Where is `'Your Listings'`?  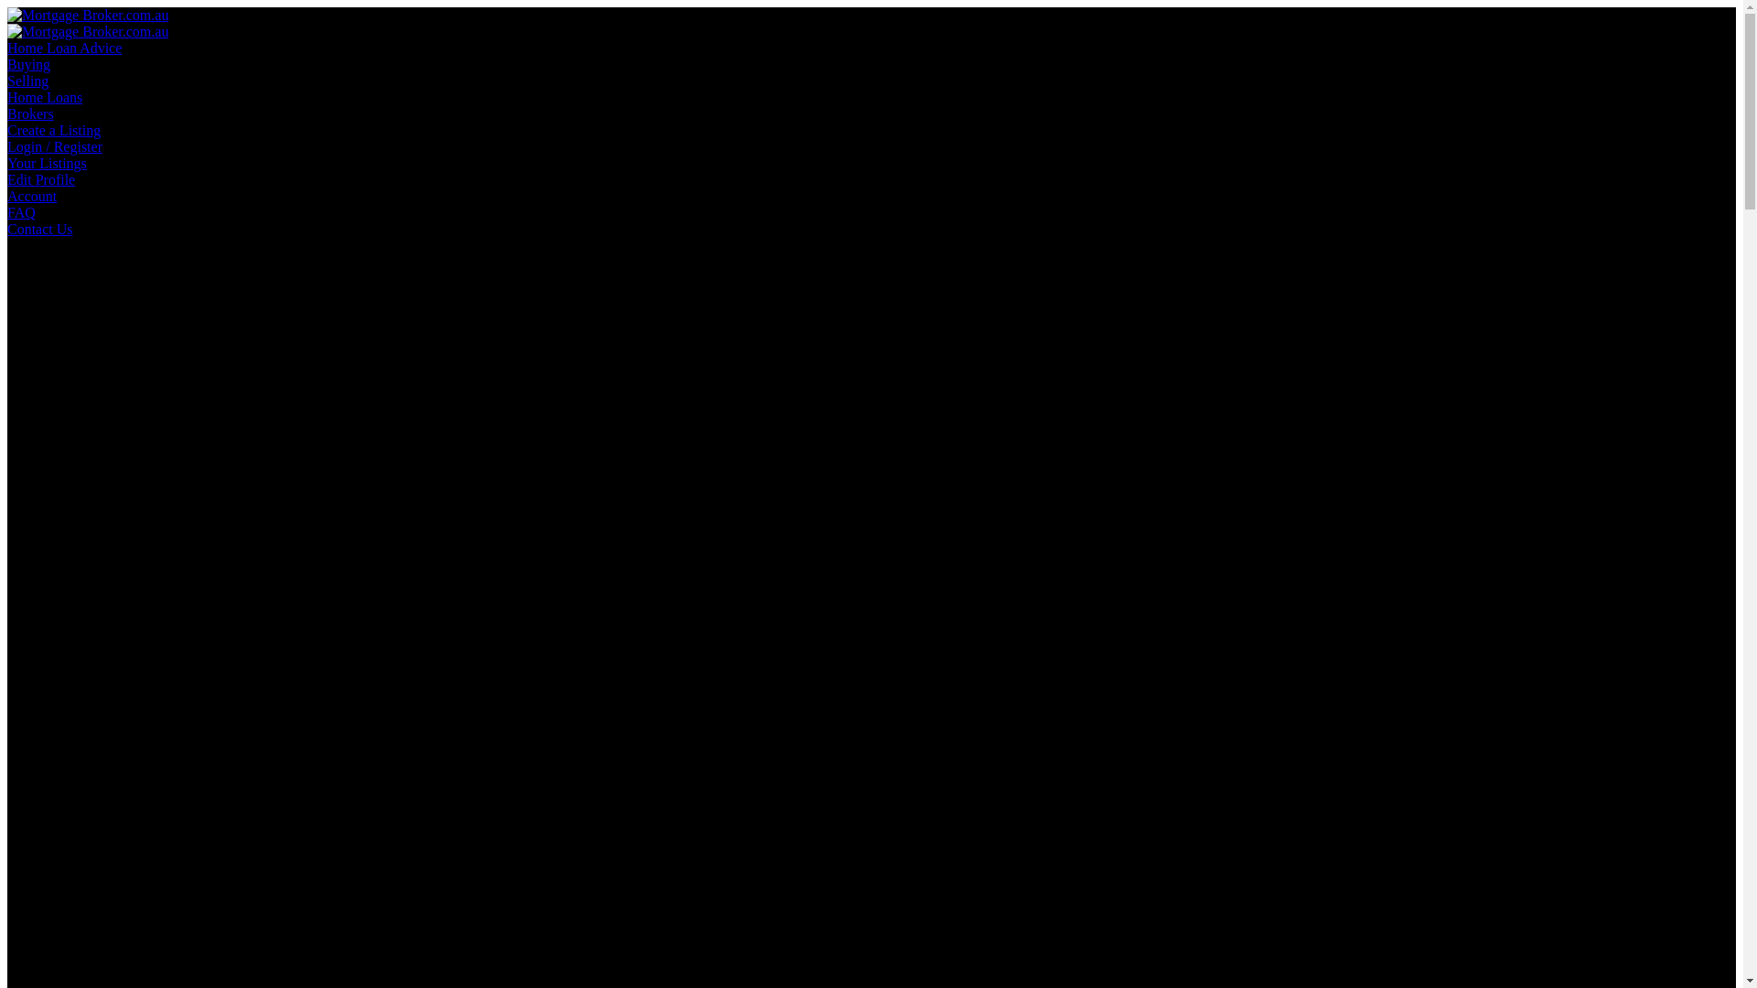
'Your Listings' is located at coordinates (7, 162).